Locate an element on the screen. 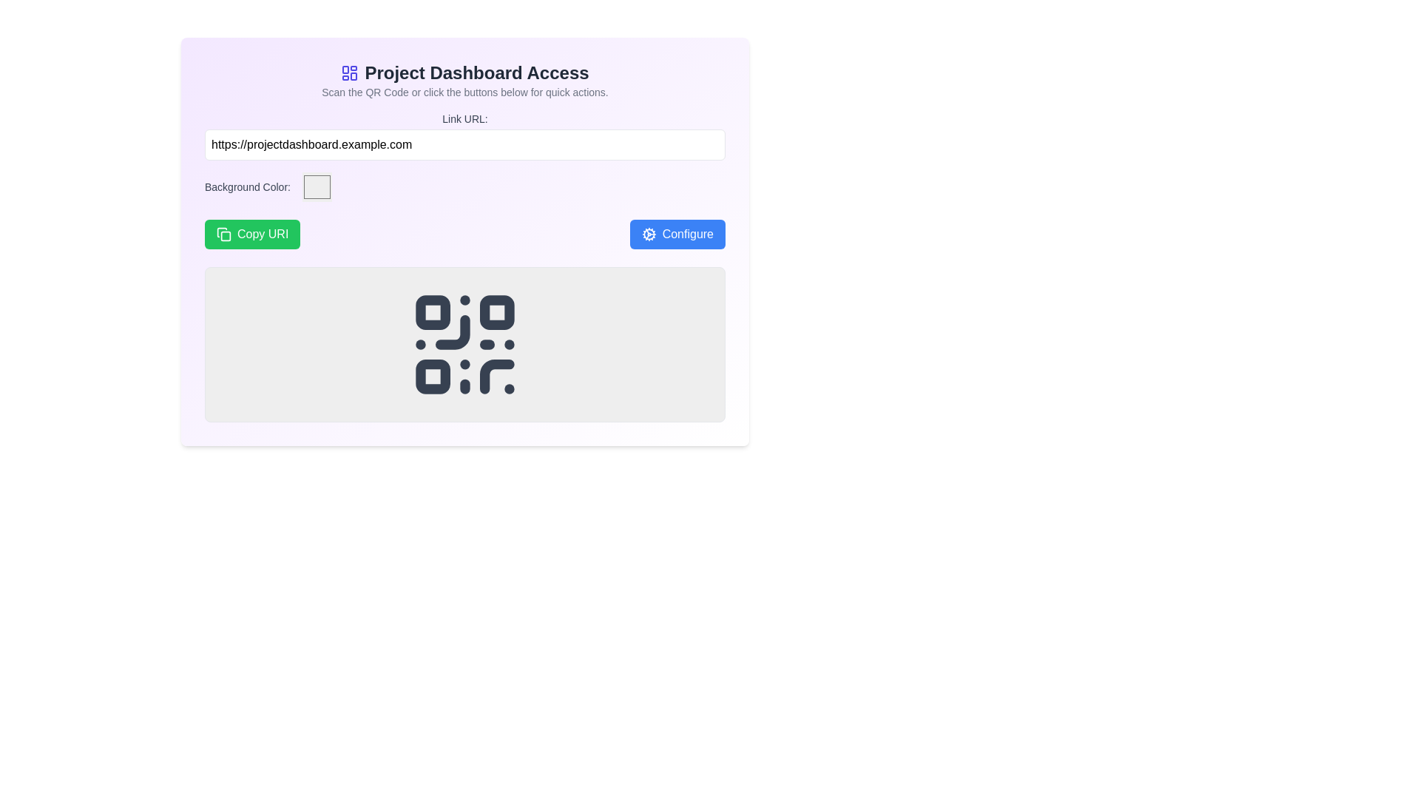 Image resolution: width=1420 pixels, height=799 pixels. the upper-left rectangular block of the dashboard layout icon, which is part of a grid of four rectangles is located at coordinates (345, 70).